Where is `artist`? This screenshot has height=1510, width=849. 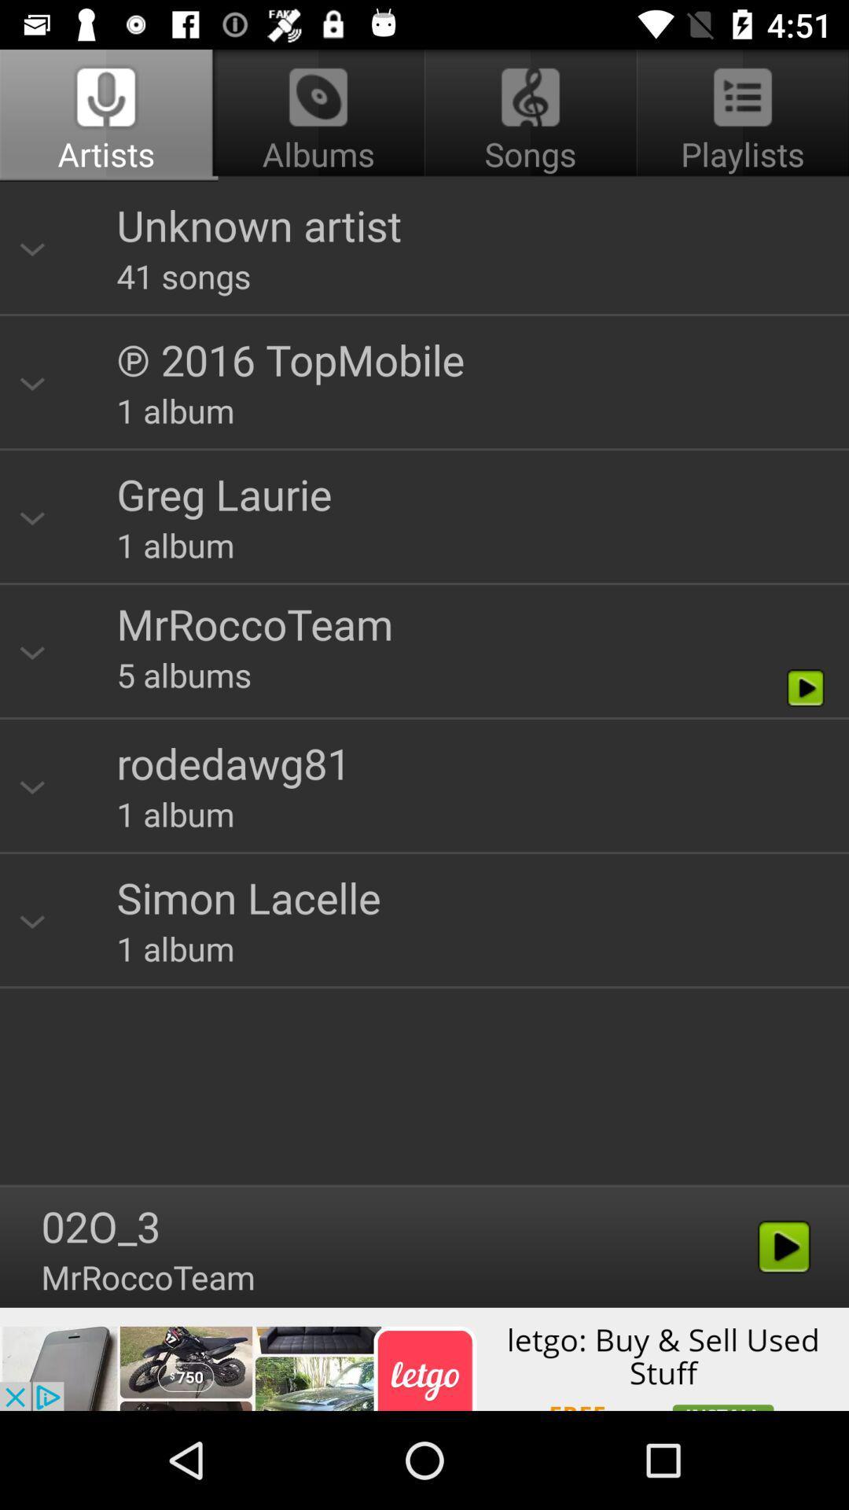 artist is located at coordinates (424, 678).